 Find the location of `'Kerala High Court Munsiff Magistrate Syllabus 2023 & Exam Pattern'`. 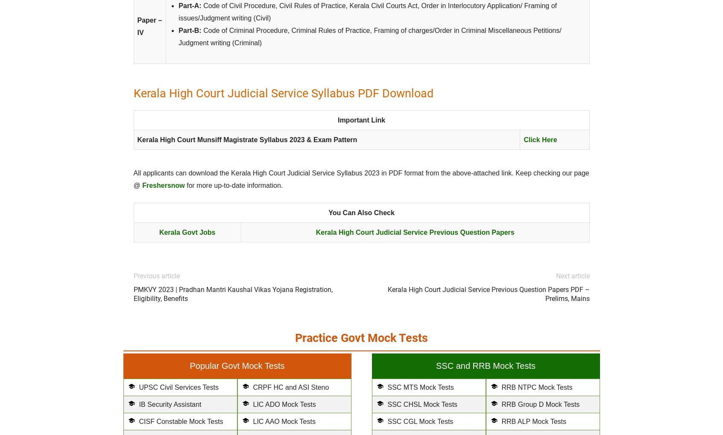

'Kerala High Court Munsiff Magistrate Syllabus 2023 & Exam Pattern' is located at coordinates (136, 140).